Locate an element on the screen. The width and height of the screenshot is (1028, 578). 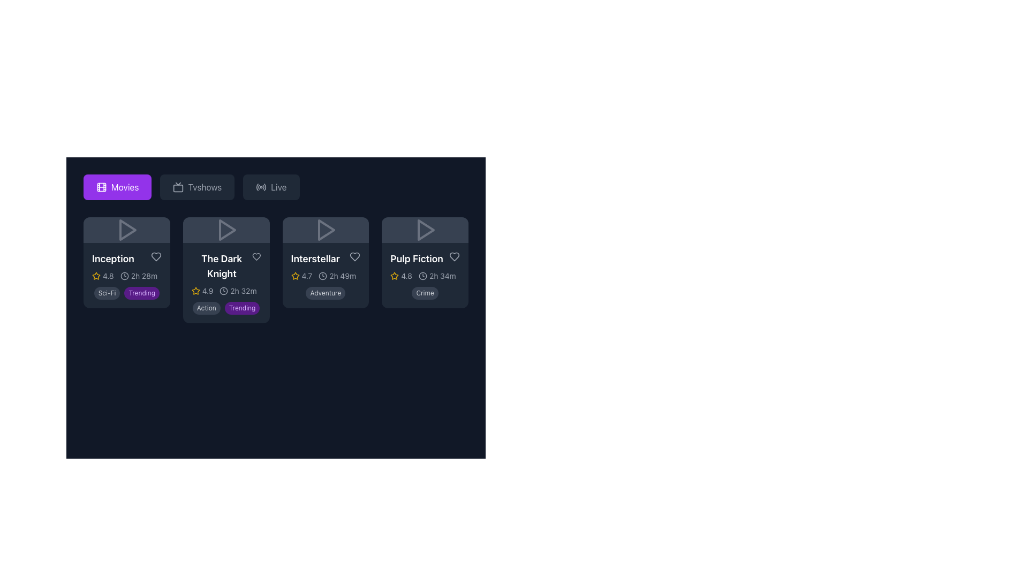
the star icon representing the rating for the movie 'Interstellar' is located at coordinates (295, 276).